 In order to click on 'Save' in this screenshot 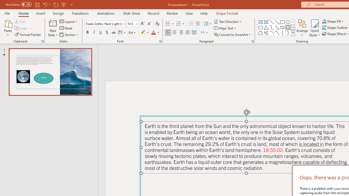, I will do `click(37, 4)`.